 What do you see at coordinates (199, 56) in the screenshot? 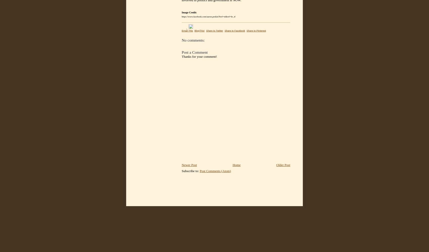
I see `'Thanks for your comment!'` at bounding box center [199, 56].